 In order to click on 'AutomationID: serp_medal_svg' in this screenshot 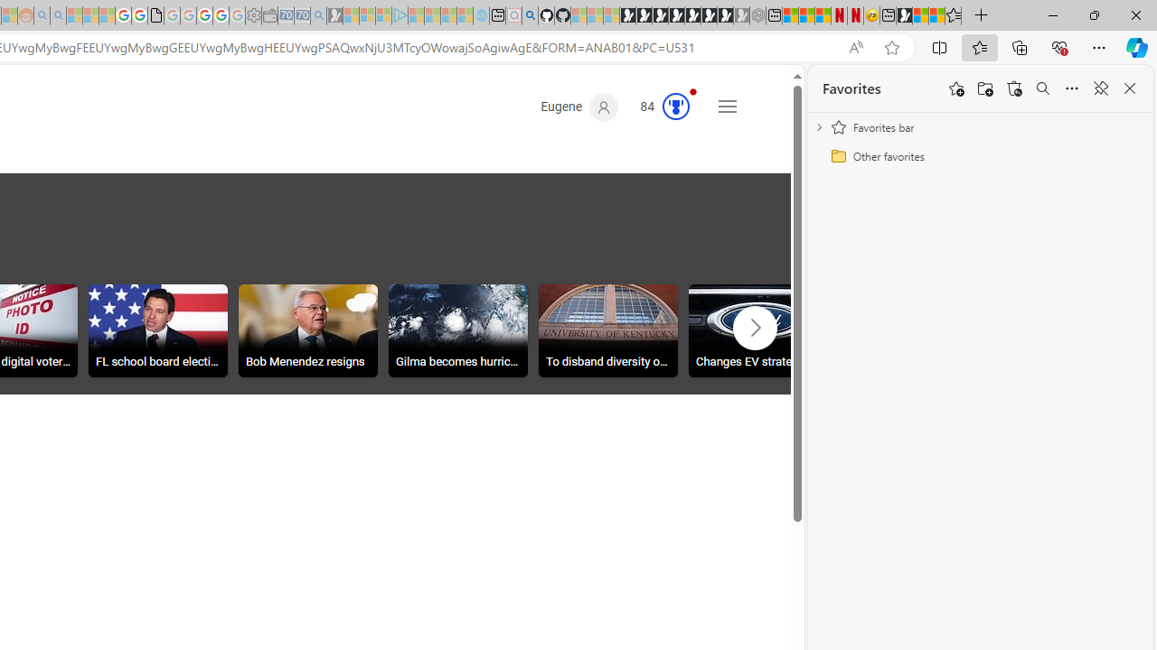, I will do `click(675, 107)`.